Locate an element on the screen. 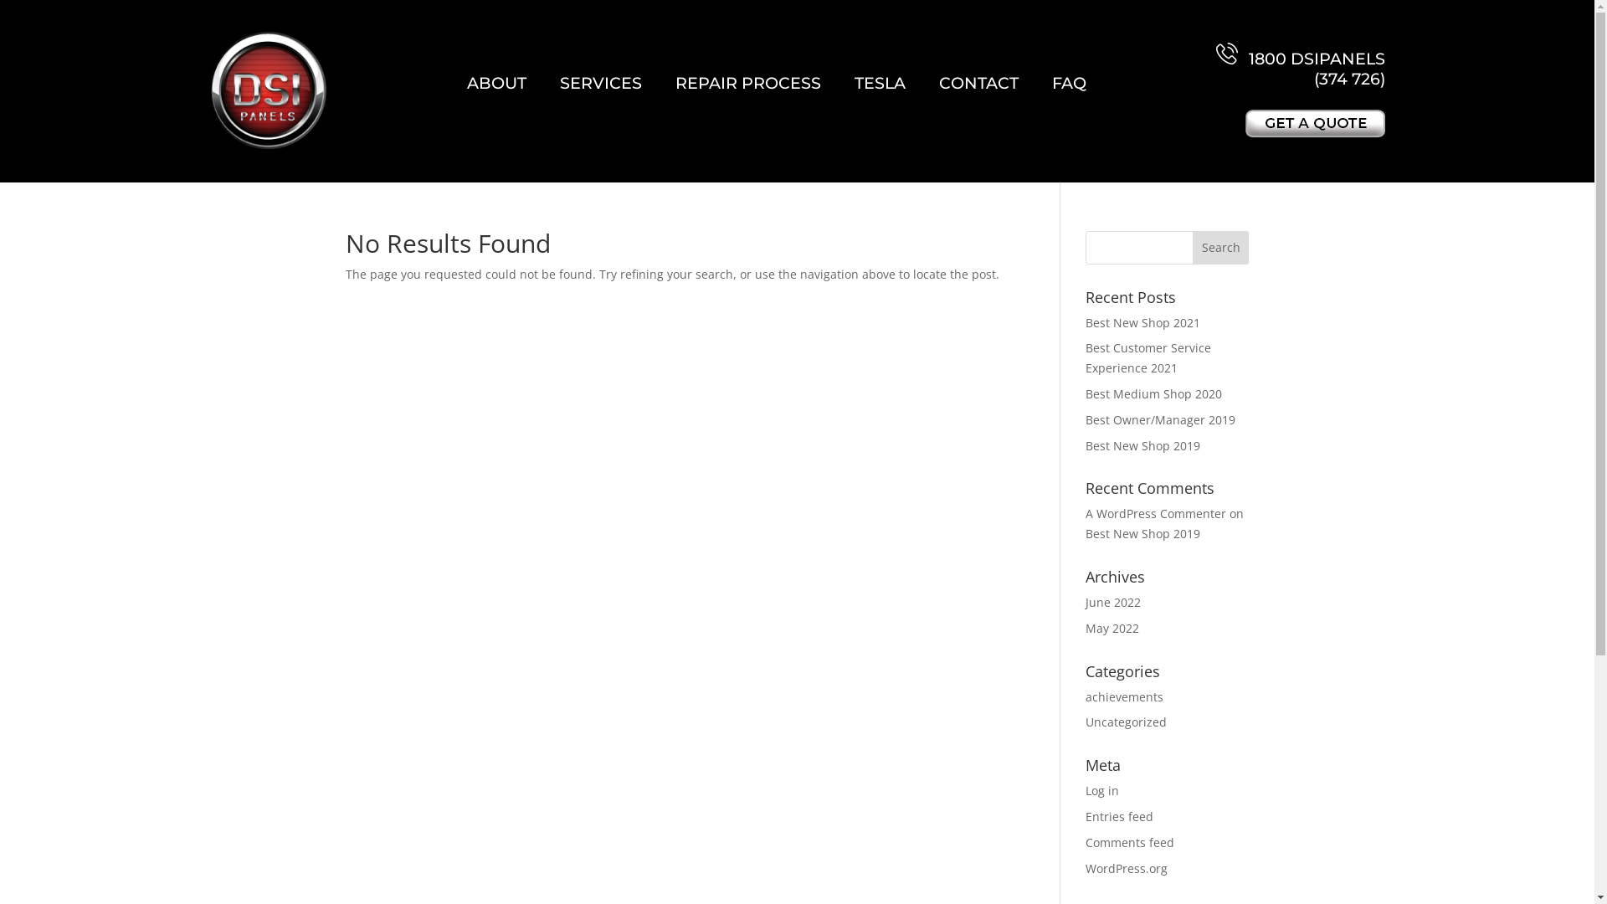  'SERVICES' is located at coordinates (601, 83).